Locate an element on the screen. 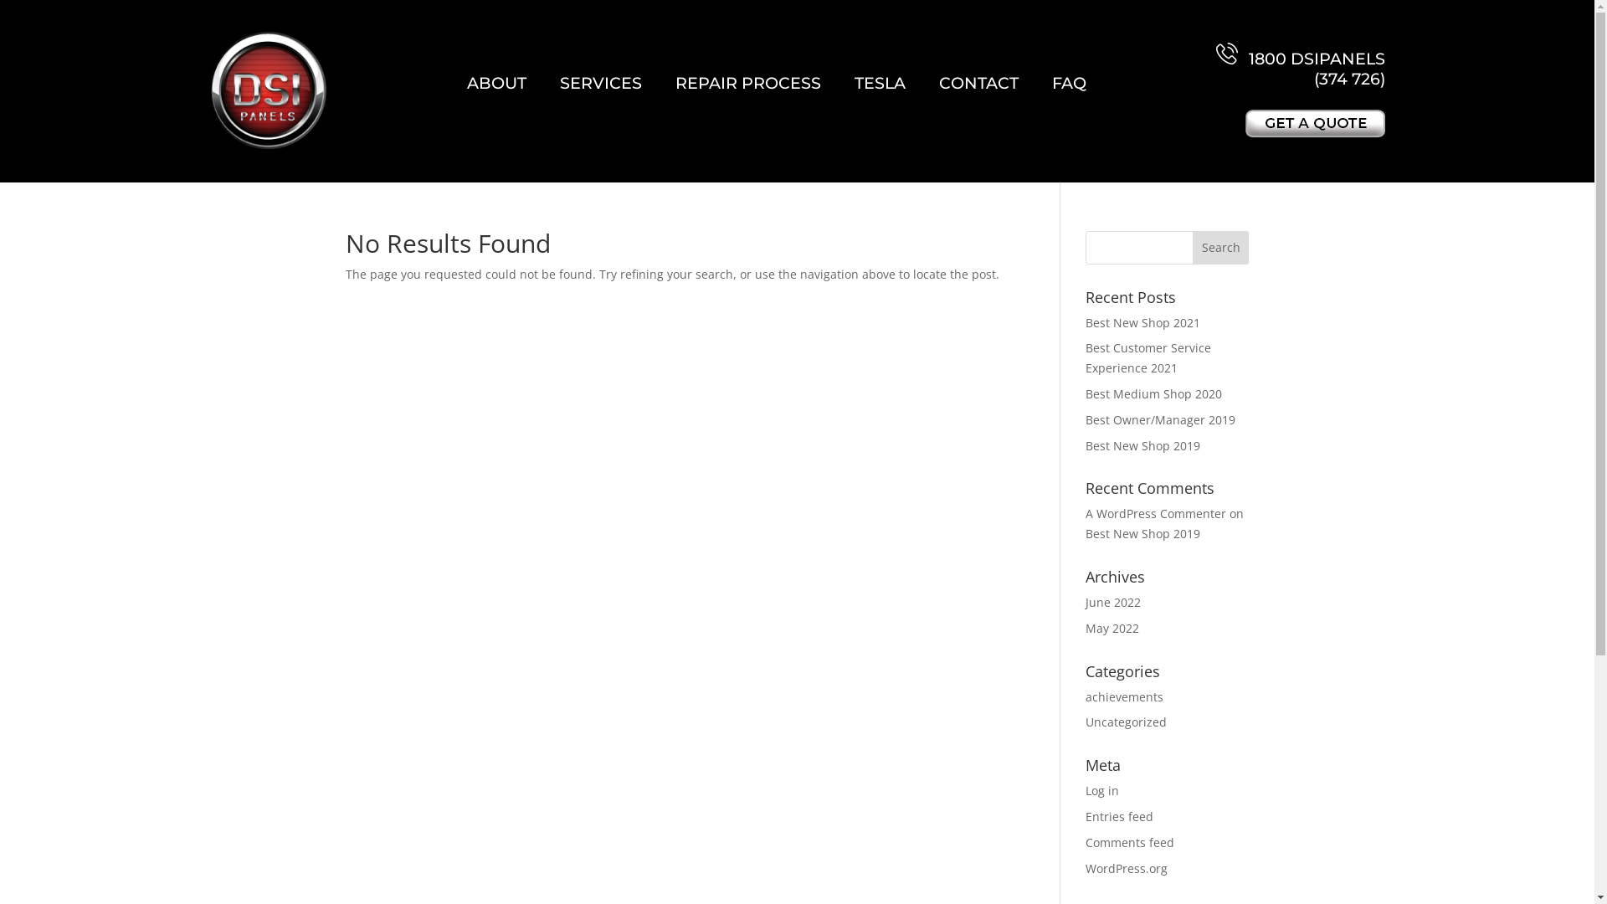  'SERVICES' is located at coordinates (601, 83).